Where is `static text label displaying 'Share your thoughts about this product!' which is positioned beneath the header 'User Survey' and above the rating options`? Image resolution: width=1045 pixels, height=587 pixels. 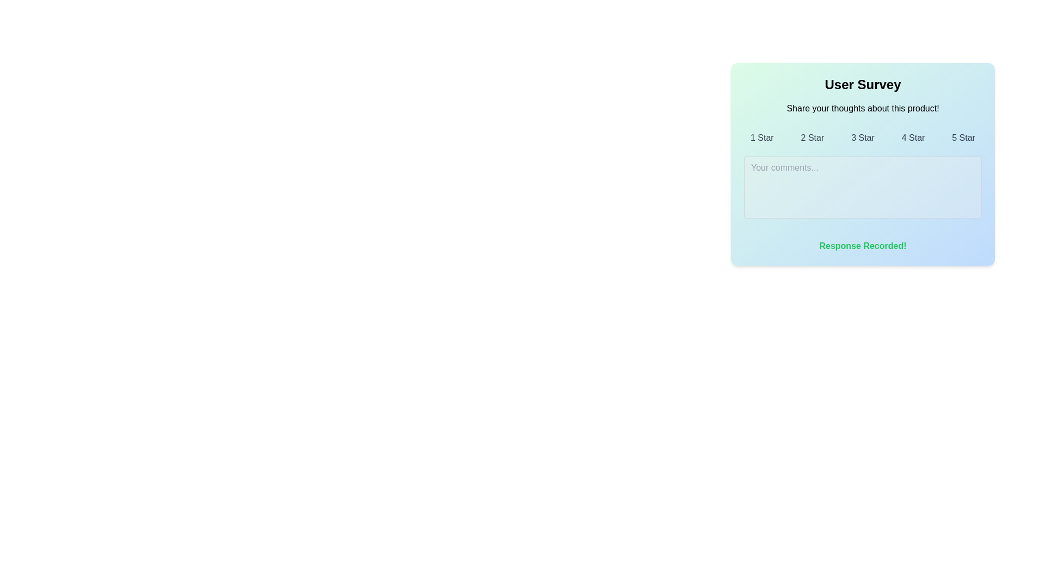 static text label displaying 'Share your thoughts about this product!' which is positioned beneath the header 'User Survey' and above the rating options is located at coordinates (862, 109).